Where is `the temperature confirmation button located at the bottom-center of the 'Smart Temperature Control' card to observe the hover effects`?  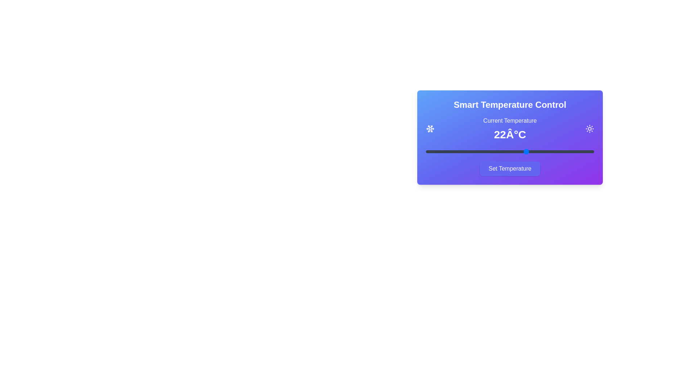
the temperature confirmation button located at the bottom-center of the 'Smart Temperature Control' card to observe the hover effects is located at coordinates (509, 169).